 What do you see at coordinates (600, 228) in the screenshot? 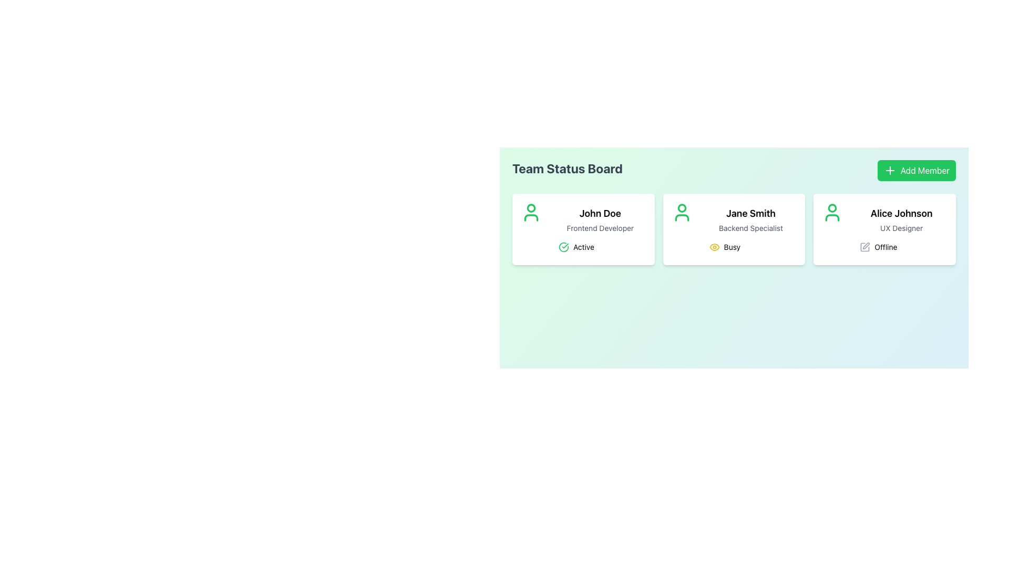
I see `information displayed on the Profile summary card, which is the first card in the Team Status Board, providing details about a team member's name, role, and current status` at bounding box center [600, 228].